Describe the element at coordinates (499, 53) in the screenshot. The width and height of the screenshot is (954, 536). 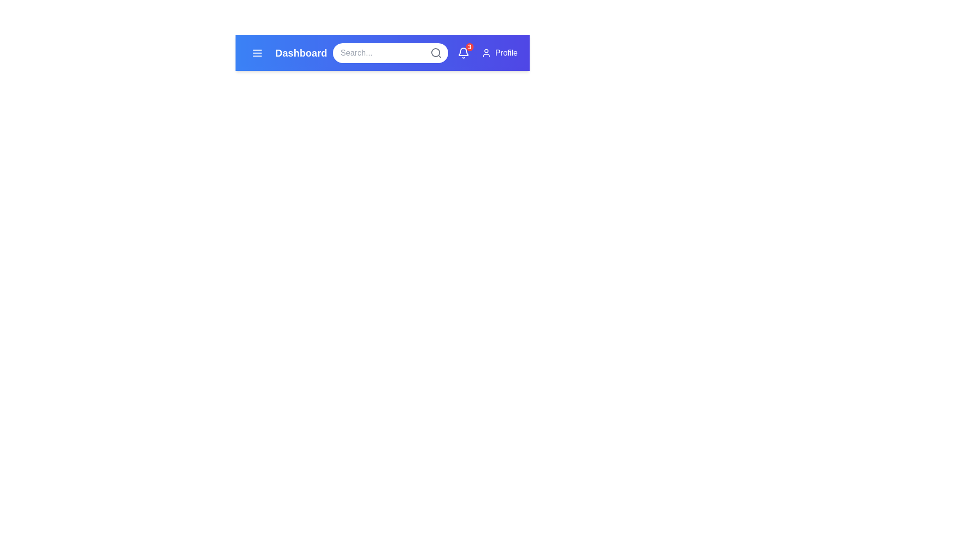
I see `the button located at the far-right side of the navigation bar that serves as a navigation link to the profile page or profile-related options, which is adjacent to the notification bell icon` at that location.